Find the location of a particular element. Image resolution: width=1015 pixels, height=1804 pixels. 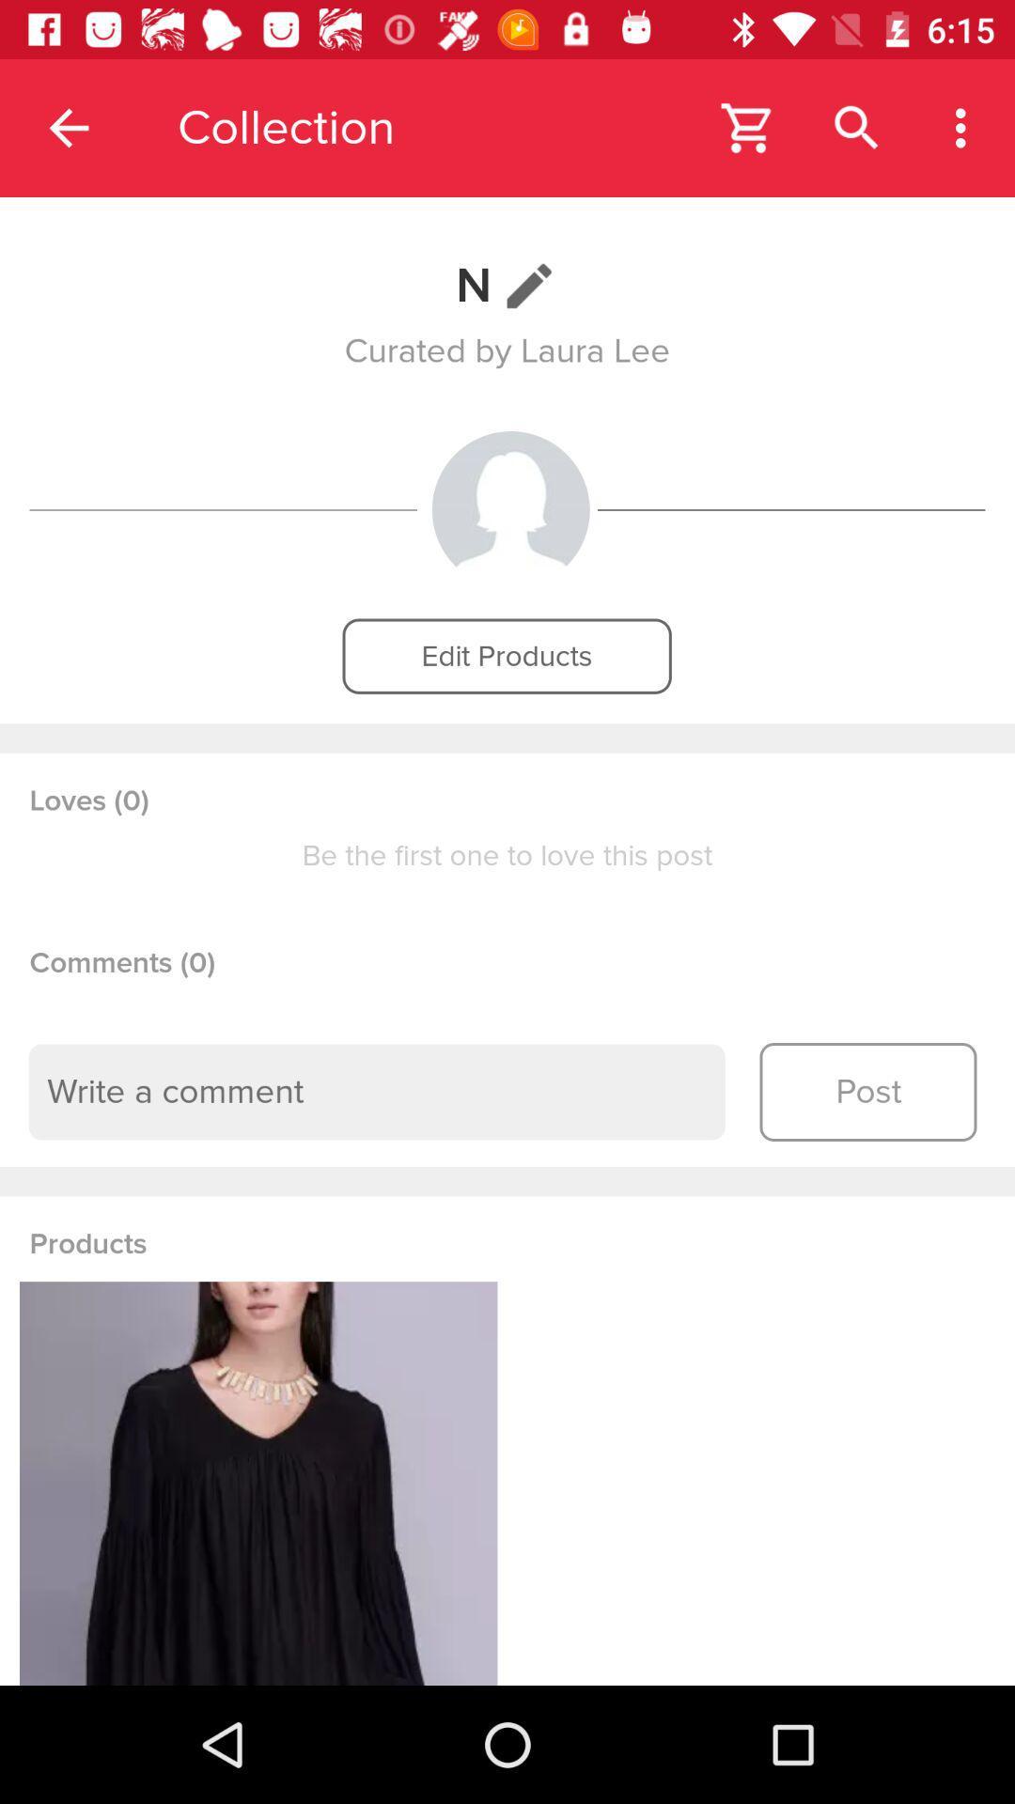

the icon above the loves (0) icon is located at coordinates (506, 656).